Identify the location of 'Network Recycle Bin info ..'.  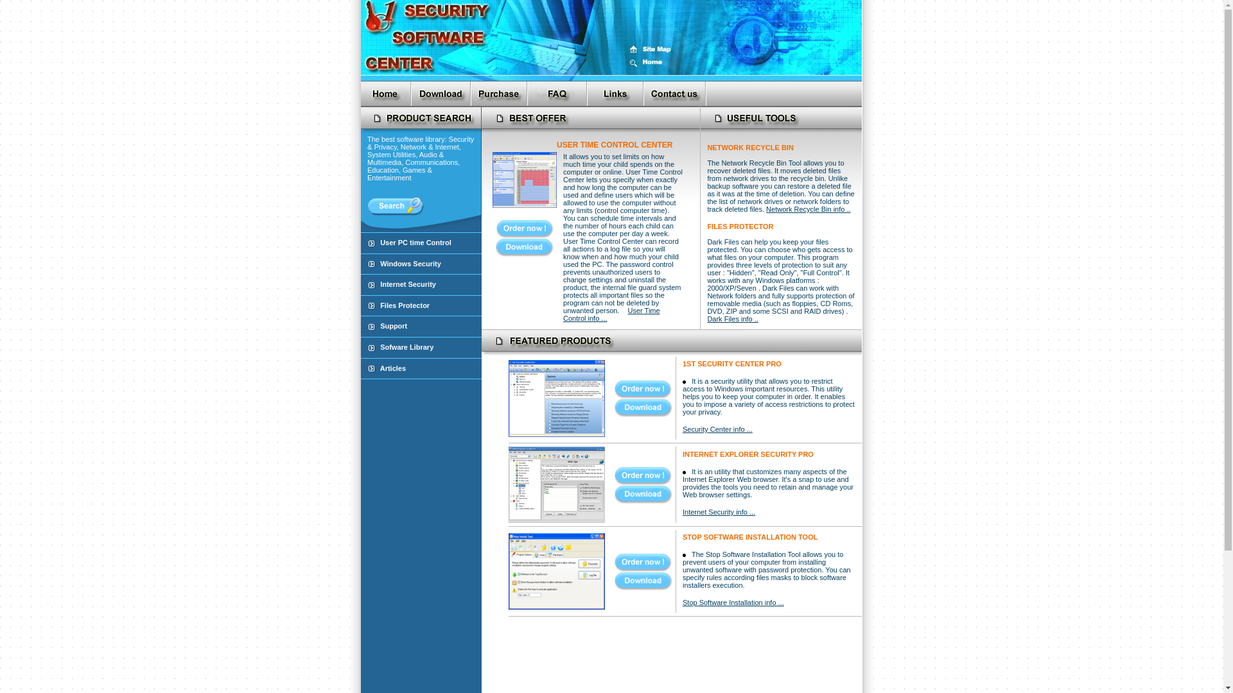
(807, 209).